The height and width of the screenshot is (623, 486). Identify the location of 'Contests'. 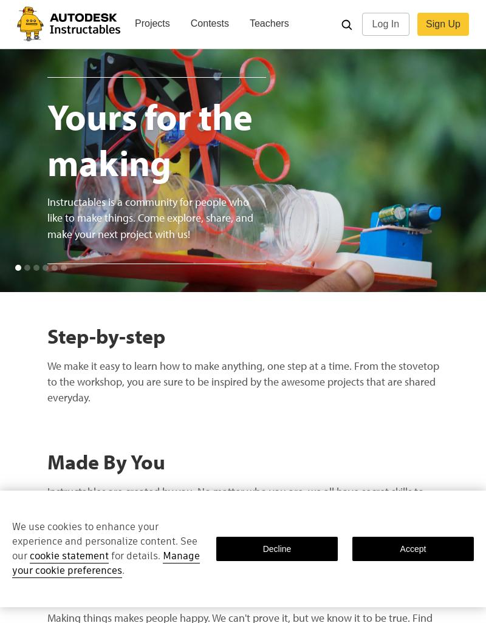
(209, 23).